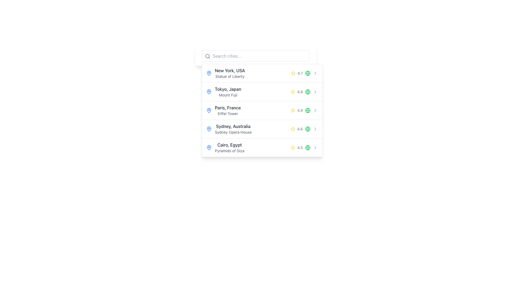 This screenshot has width=518, height=291. Describe the element at coordinates (315, 91) in the screenshot. I see `the right-pointing arrow icon, which is light gray and located next to 'Tokyo, Japan' and 'Mount Fuji'` at that location.